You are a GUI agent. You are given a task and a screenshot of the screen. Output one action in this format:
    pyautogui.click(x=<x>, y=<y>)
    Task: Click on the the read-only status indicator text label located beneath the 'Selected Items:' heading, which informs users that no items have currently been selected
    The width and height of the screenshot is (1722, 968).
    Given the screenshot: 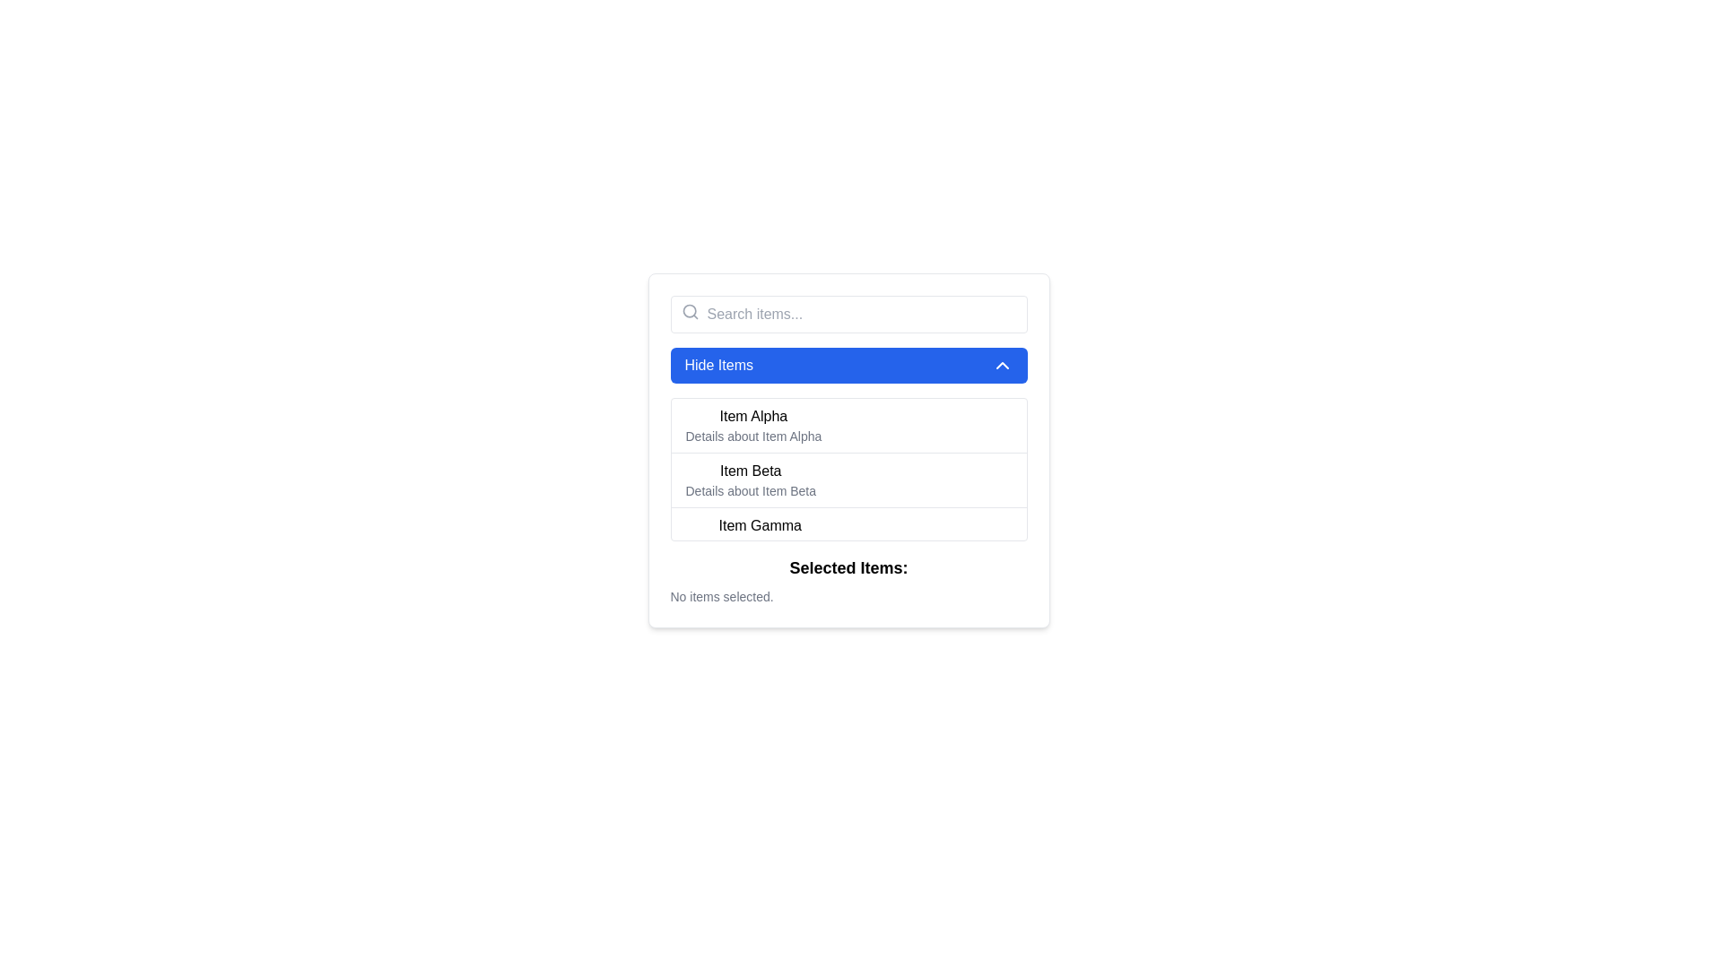 What is the action you would take?
    pyautogui.click(x=722, y=597)
    